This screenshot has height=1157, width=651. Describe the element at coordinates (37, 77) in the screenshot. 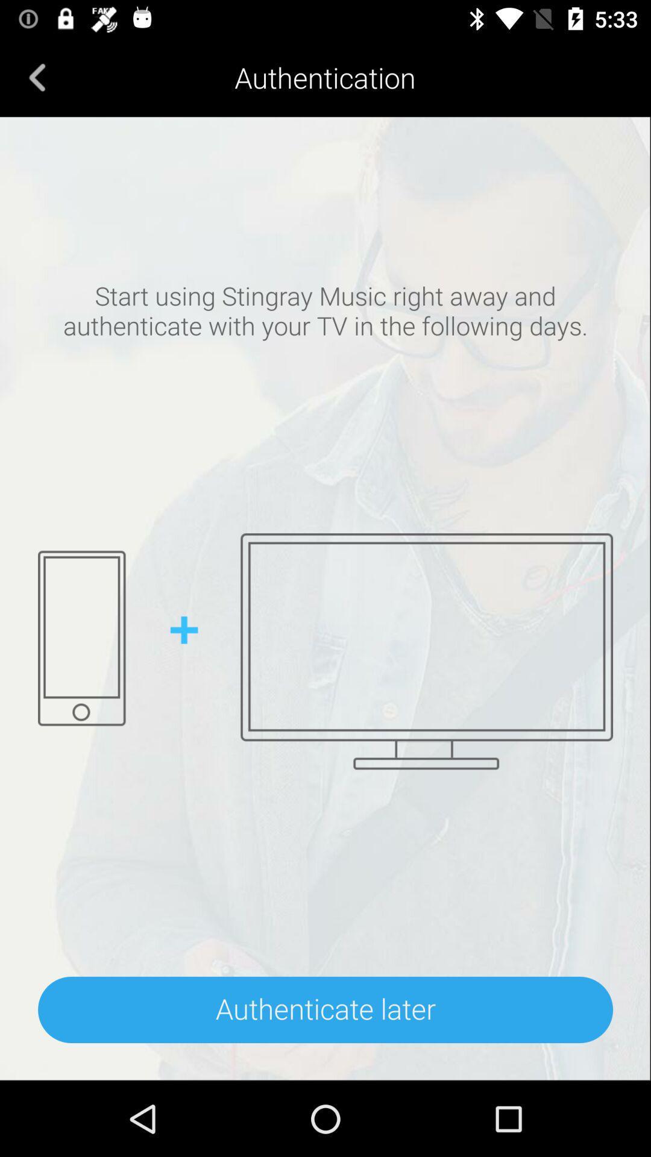

I see `item to the left of the authentication item` at that location.